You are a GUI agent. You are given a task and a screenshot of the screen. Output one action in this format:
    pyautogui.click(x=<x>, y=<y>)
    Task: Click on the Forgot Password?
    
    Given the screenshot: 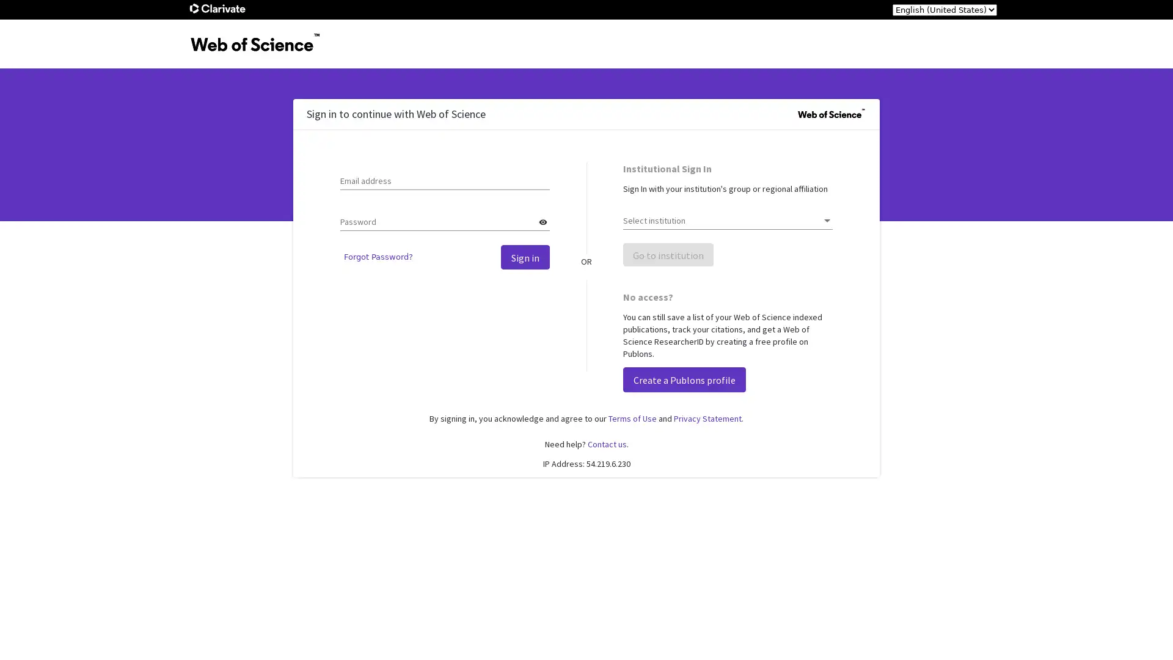 What is the action you would take?
    pyautogui.click(x=377, y=256)
    